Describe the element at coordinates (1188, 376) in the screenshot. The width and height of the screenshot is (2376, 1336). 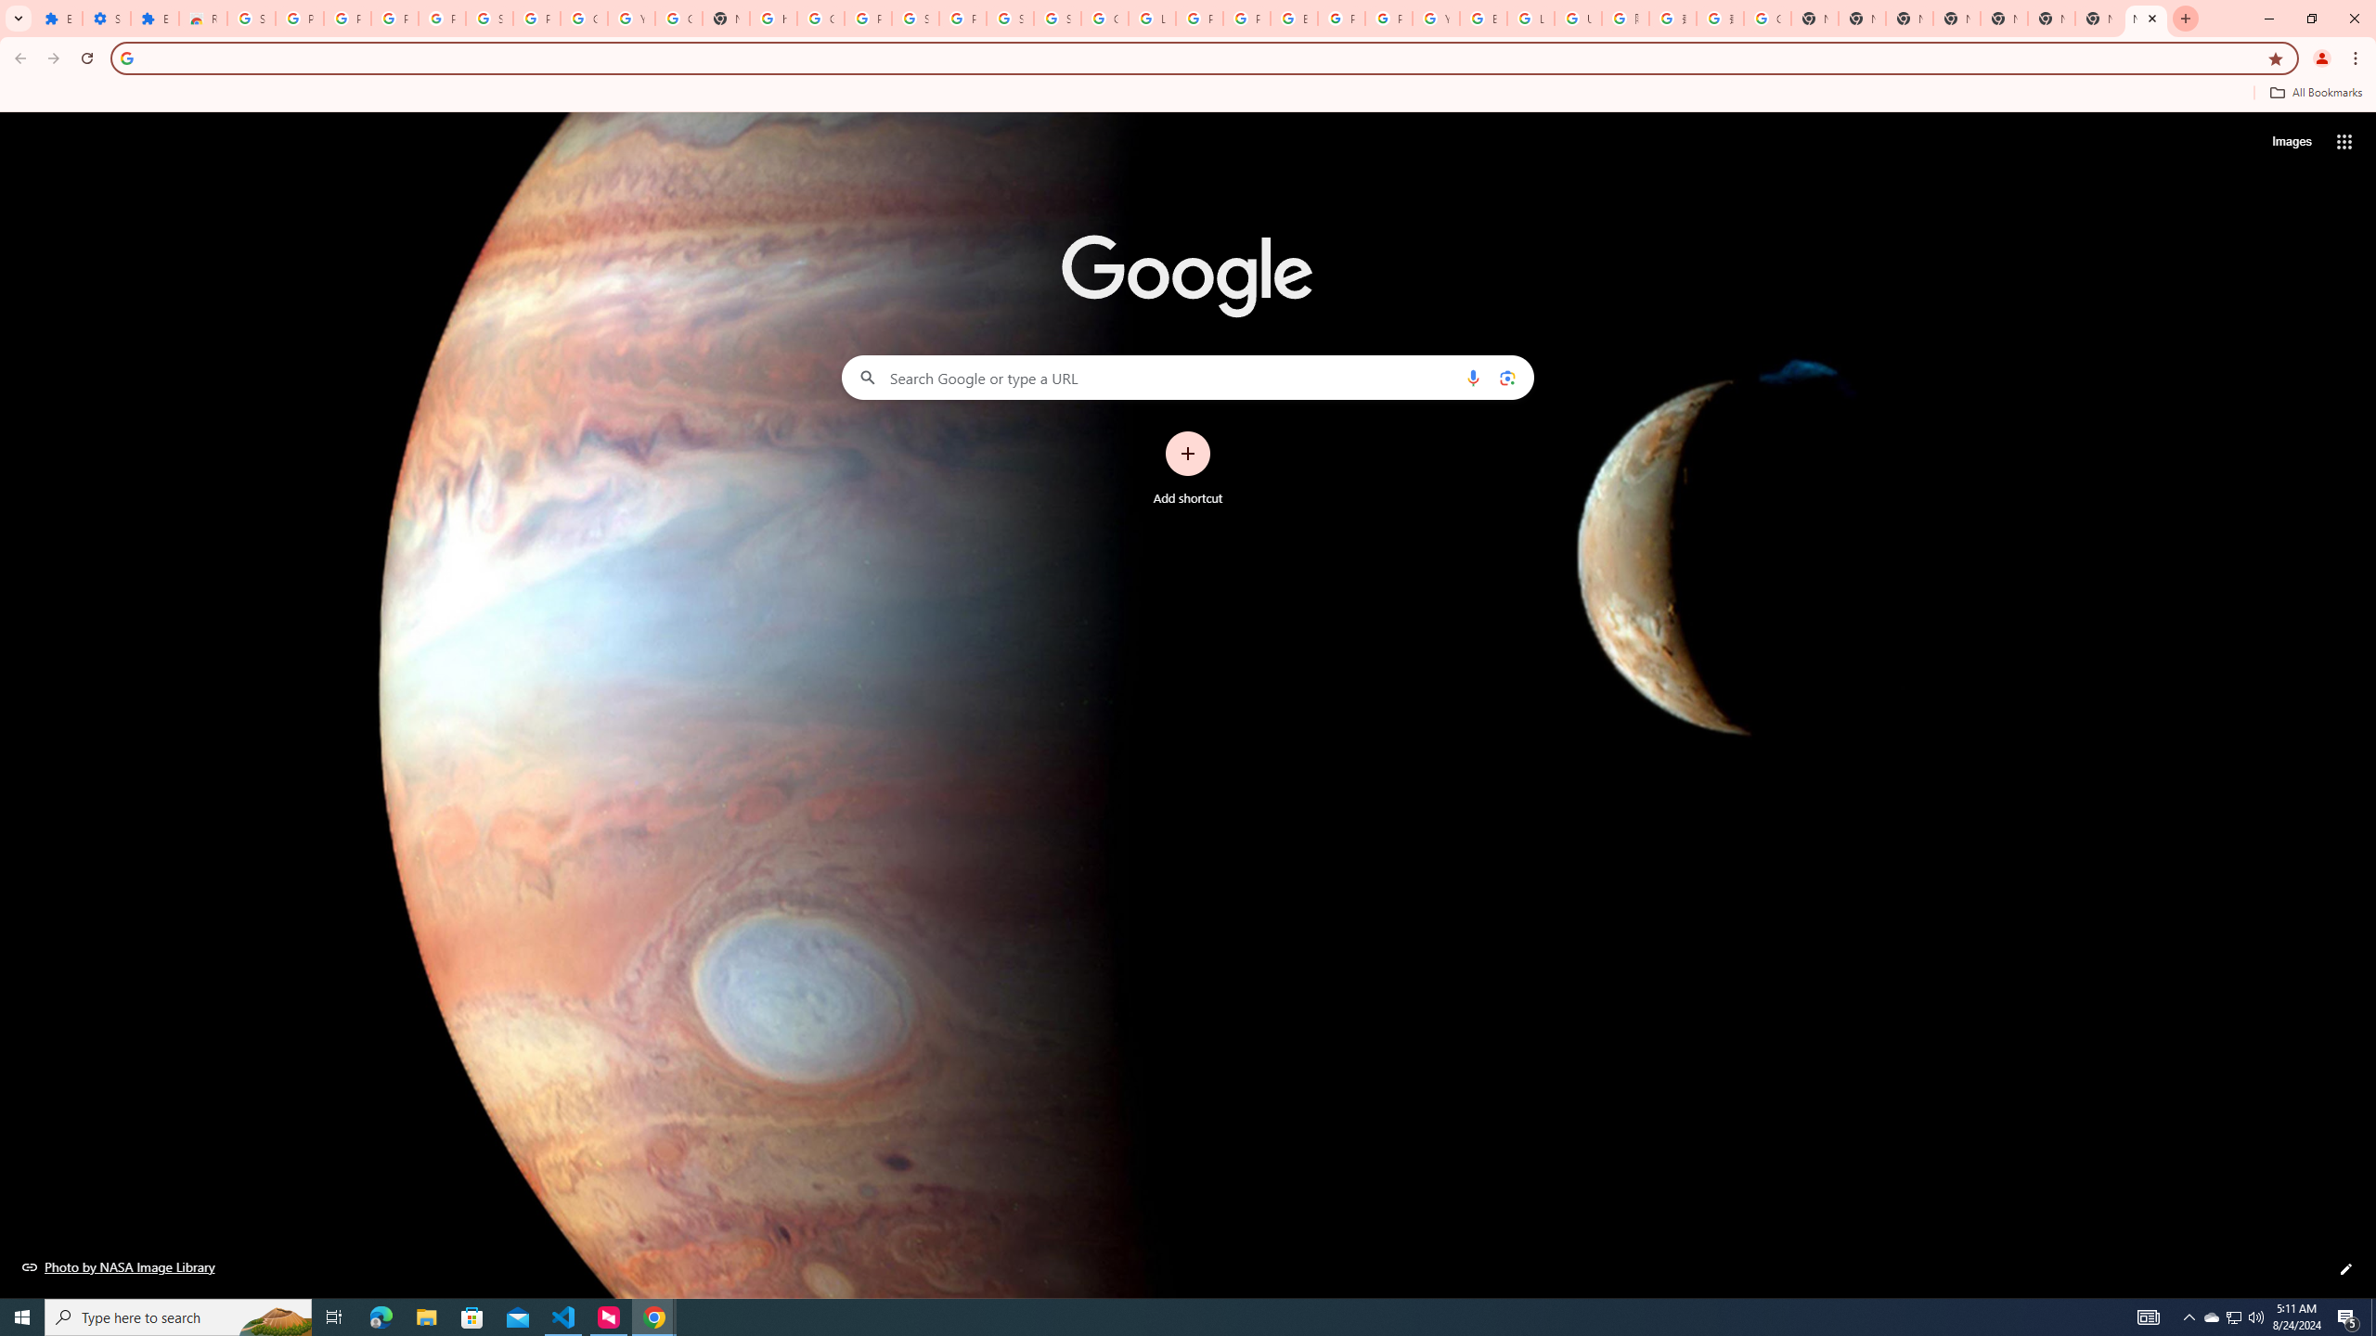
I see `'Search Google or type a URL'` at that location.